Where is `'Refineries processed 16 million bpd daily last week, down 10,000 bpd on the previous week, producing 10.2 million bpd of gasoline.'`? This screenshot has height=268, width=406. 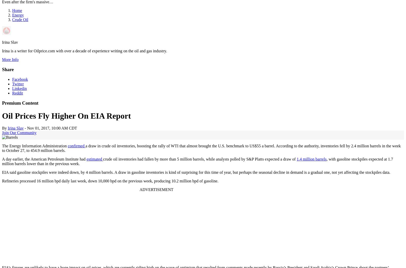 'Refineries processed 16 million bpd daily last week, down 10,000 bpd on the previous week, producing 10.2 million bpd of gasoline.' is located at coordinates (110, 181).